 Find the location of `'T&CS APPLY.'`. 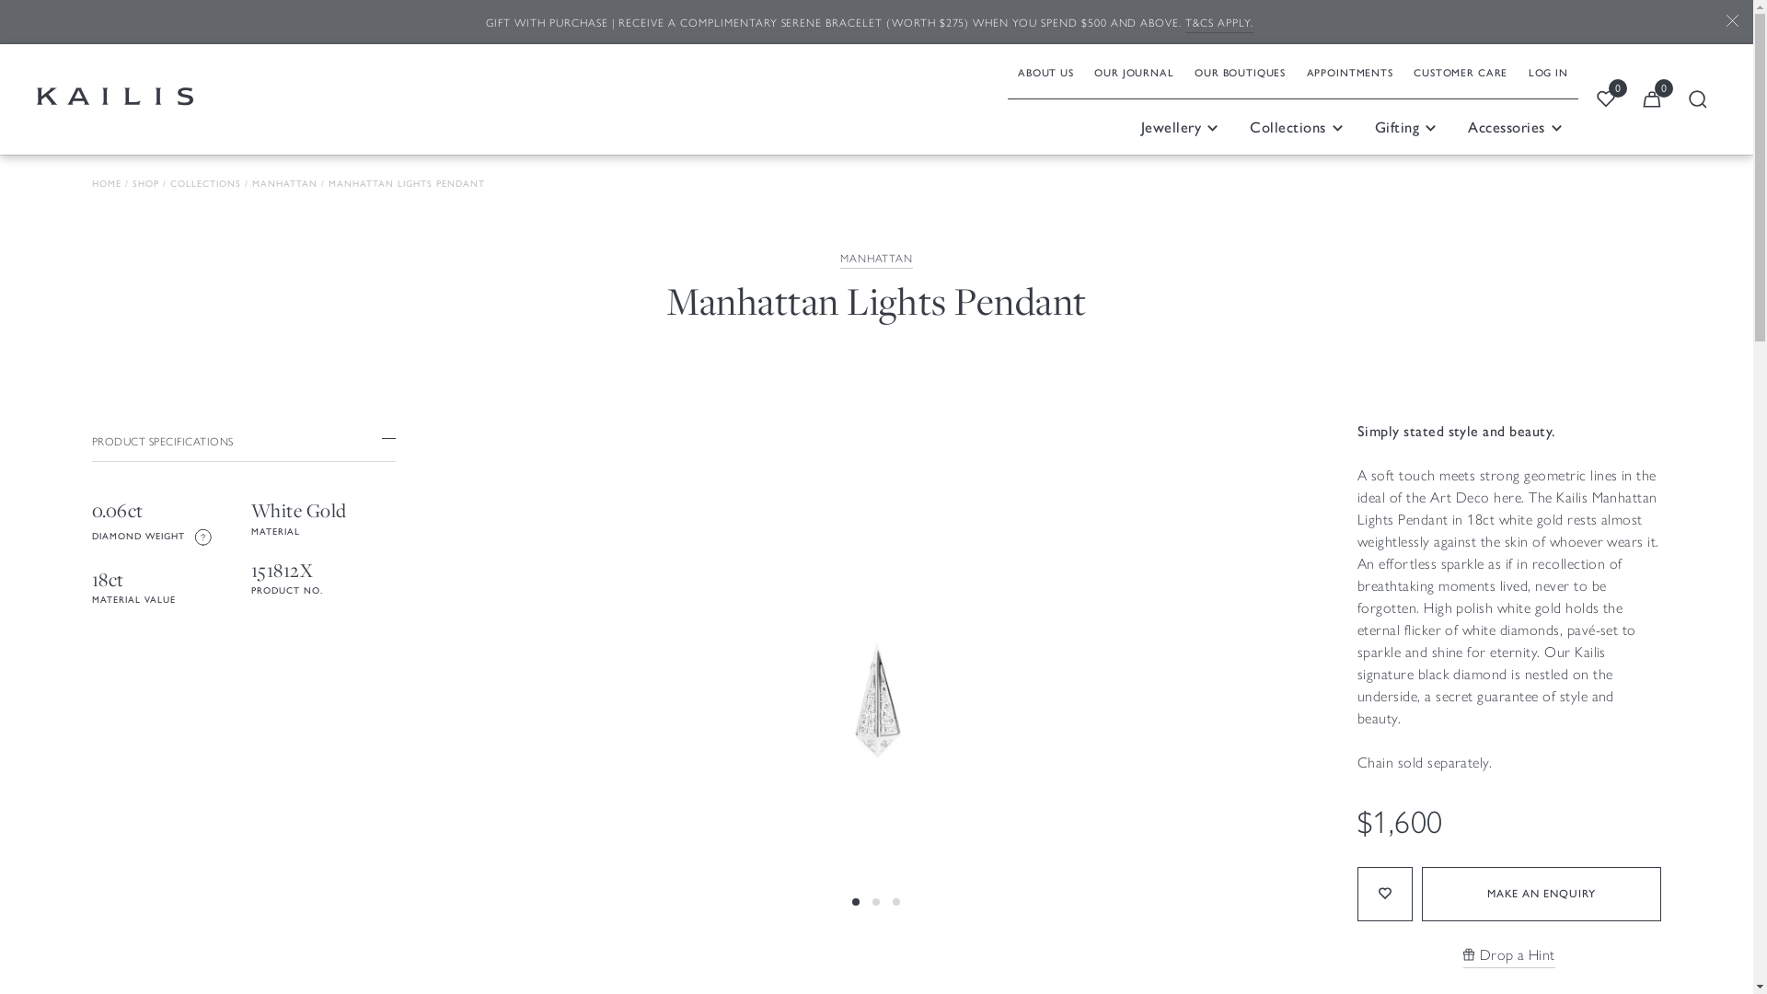

'T&CS APPLY.' is located at coordinates (1218, 23).